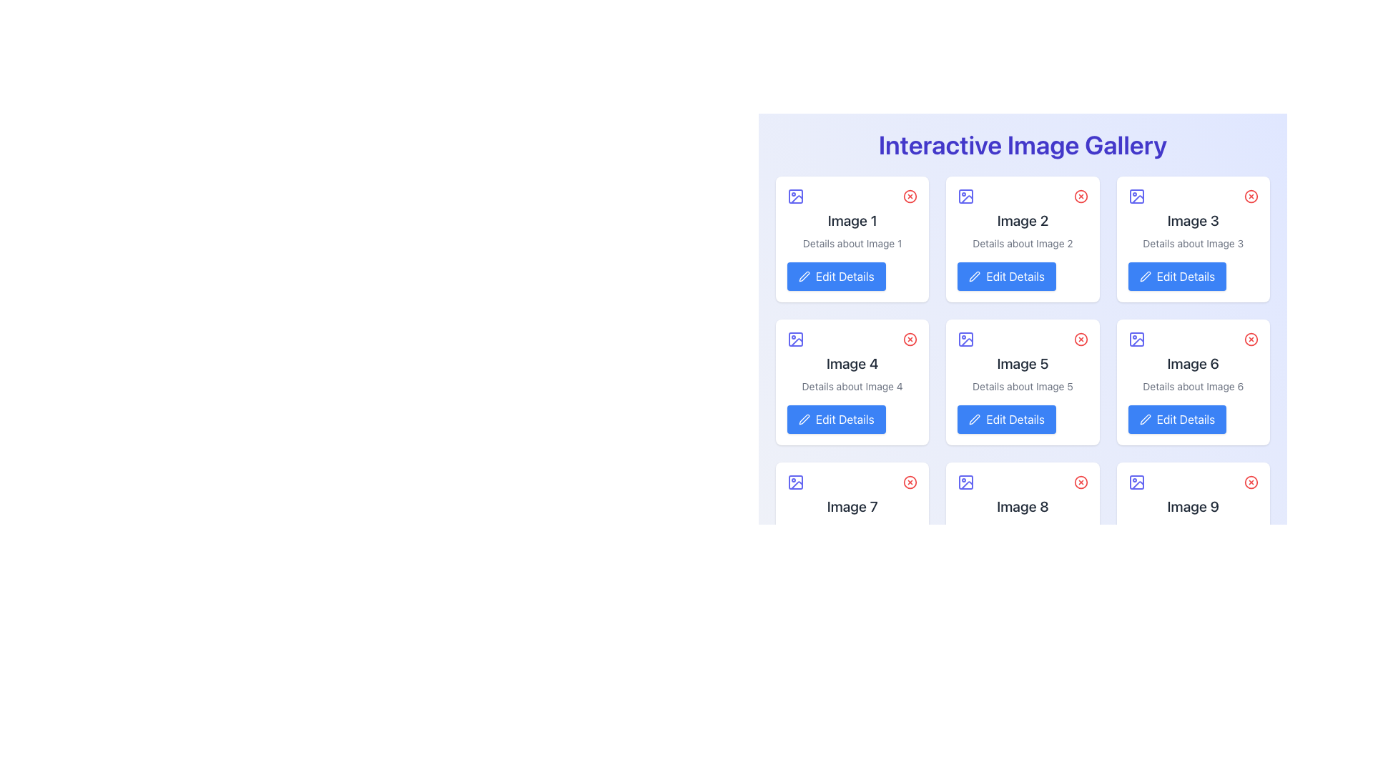  What do you see at coordinates (1250, 482) in the screenshot?
I see `the red circular close button located at the top-right corner of the 'Image 9' card in the interactive gallery` at bounding box center [1250, 482].